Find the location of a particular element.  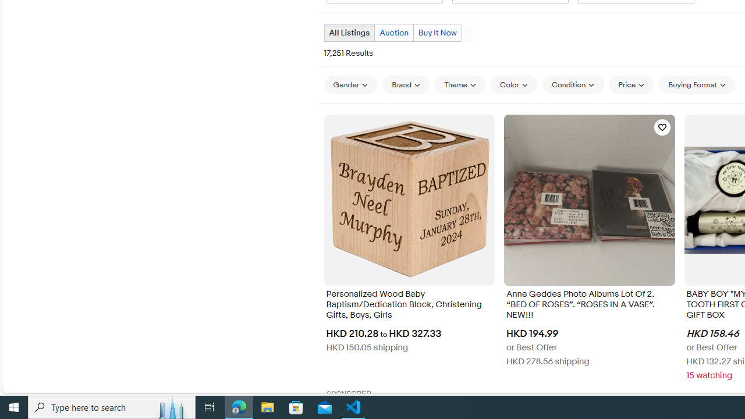

'Color' is located at coordinates (513, 84).